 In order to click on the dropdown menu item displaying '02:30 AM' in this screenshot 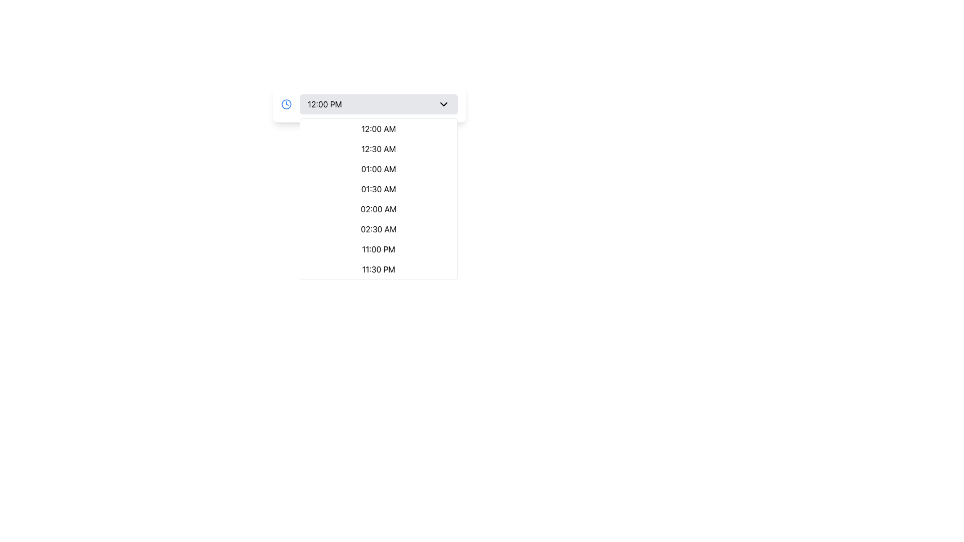, I will do `click(378, 229)`.